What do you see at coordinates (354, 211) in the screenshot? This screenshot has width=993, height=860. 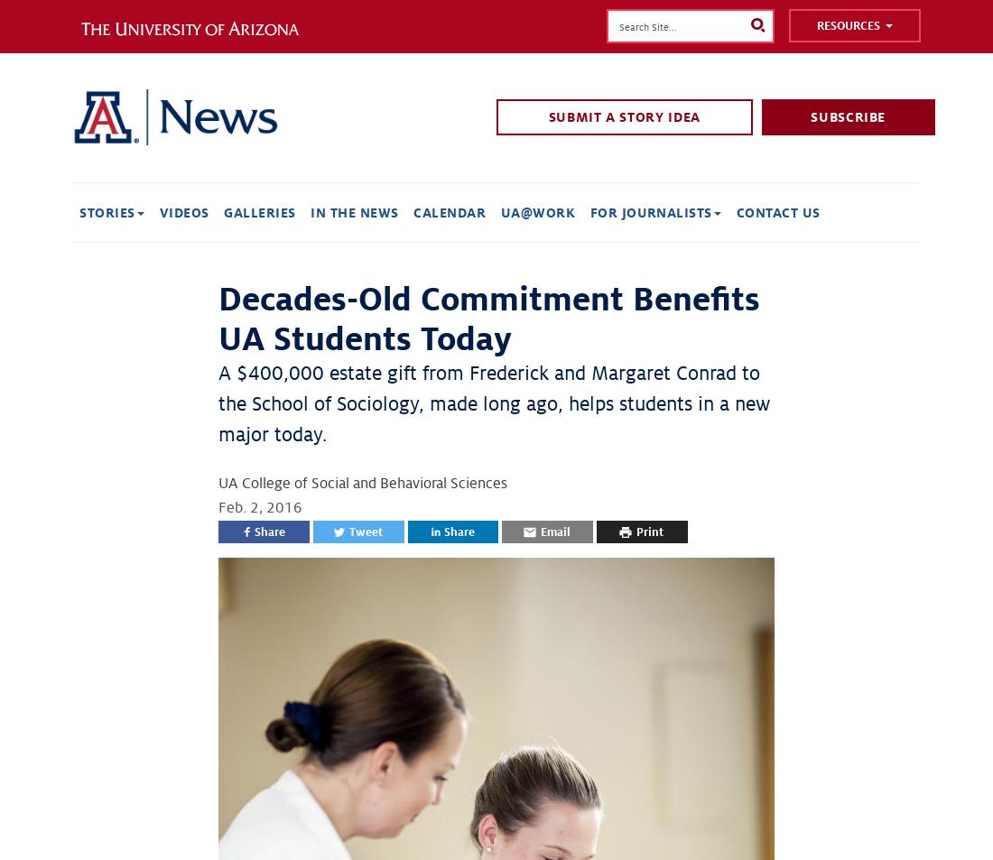 I see `'In the News'` at bounding box center [354, 211].